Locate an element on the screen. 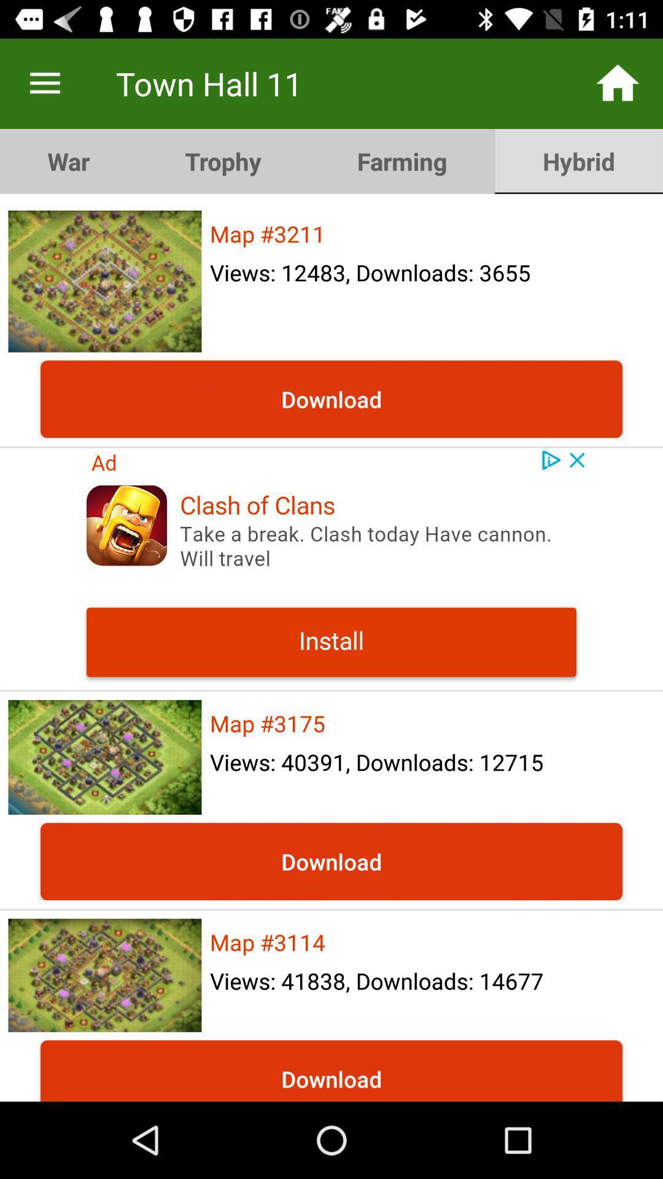 Image resolution: width=663 pixels, height=1179 pixels. main manu is located at coordinates (44, 83).